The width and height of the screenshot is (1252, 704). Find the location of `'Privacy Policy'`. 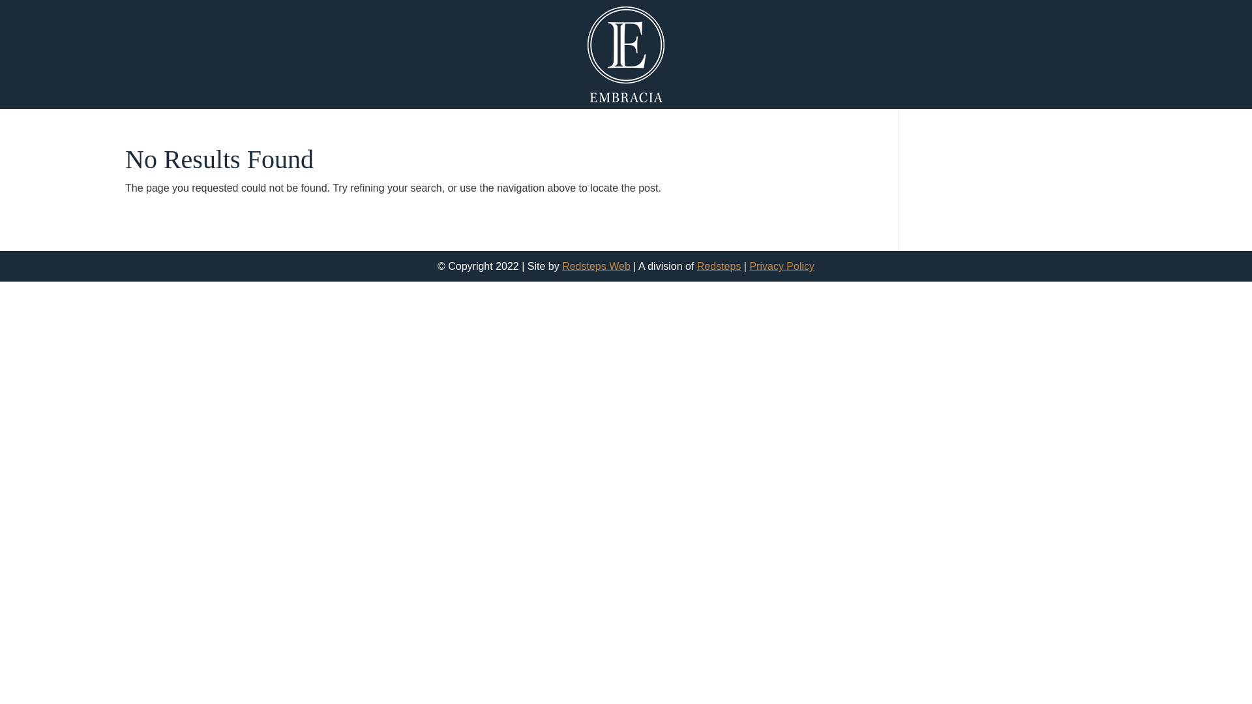

'Privacy Policy' is located at coordinates (782, 265).